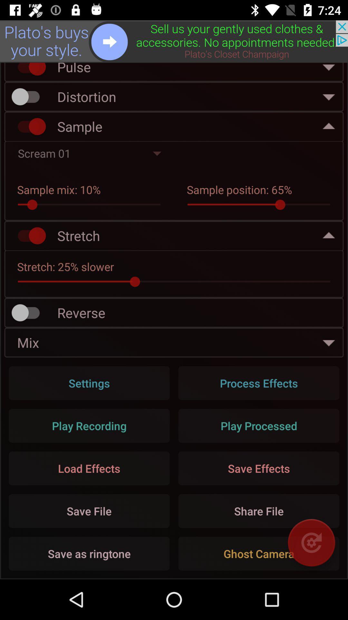  Describe the element at coordinates (28, 126) in the screenshot. I see `sample` at that location.